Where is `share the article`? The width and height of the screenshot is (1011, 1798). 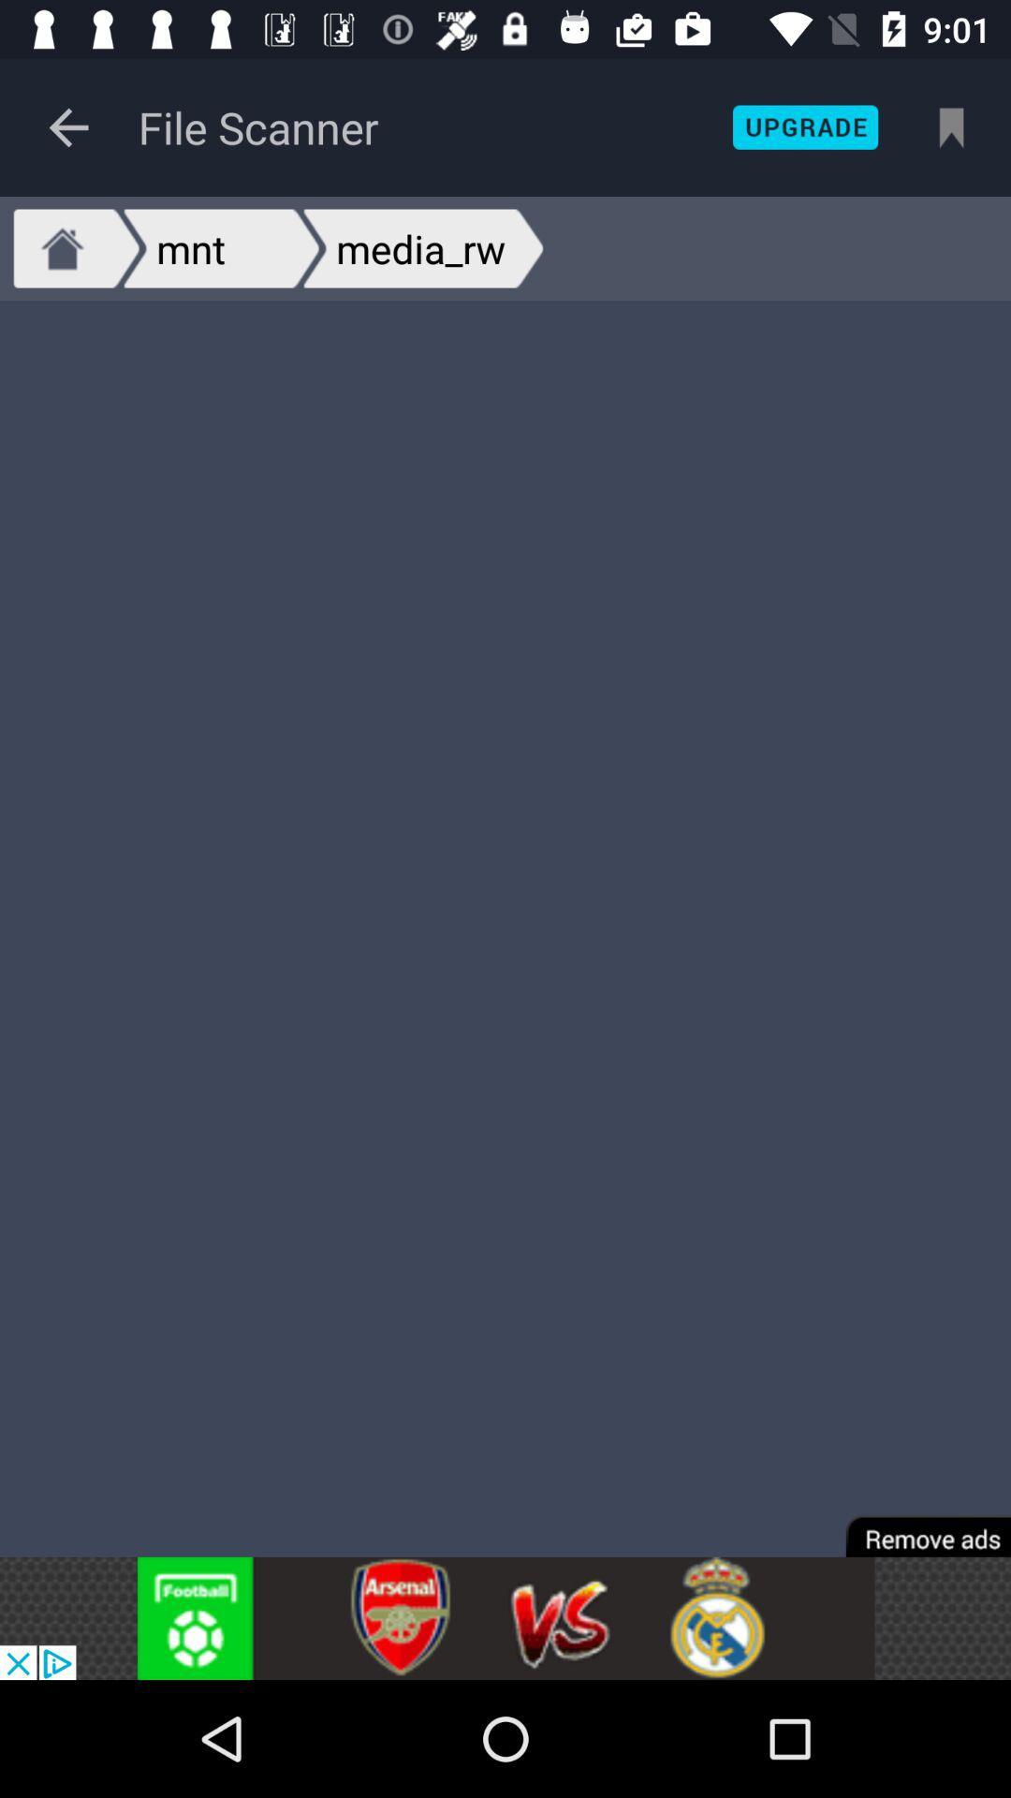 share the article is located at coordinates (505, 1617).